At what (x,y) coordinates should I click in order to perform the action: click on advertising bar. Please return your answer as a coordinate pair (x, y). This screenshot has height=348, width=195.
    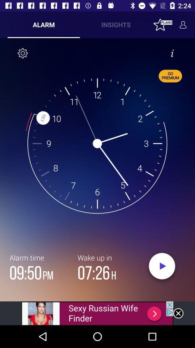
    Looking at the image, I should click on (97, 313).